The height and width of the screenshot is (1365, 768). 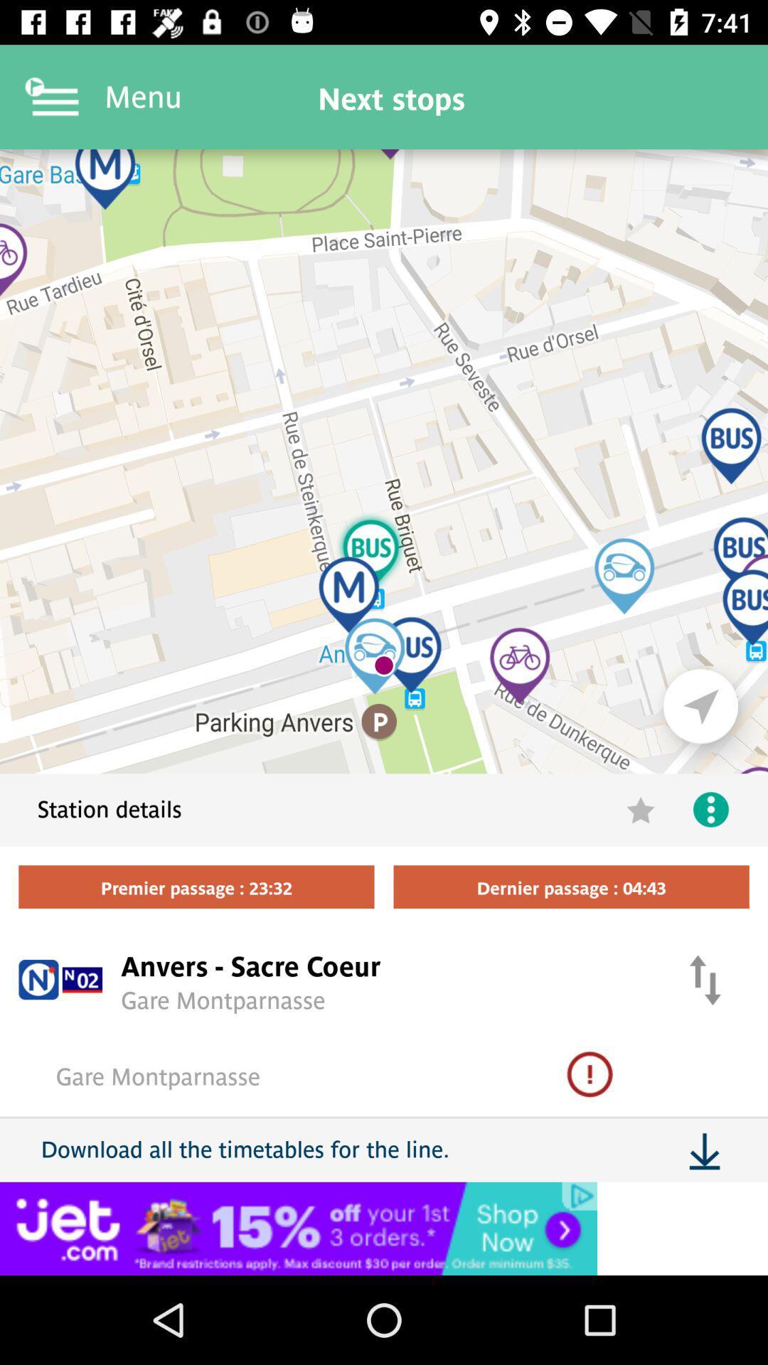 What do you see at coordinates (700, 706) in the screenshot?
I see `the navigation icon` at bounding box center [700, 706].